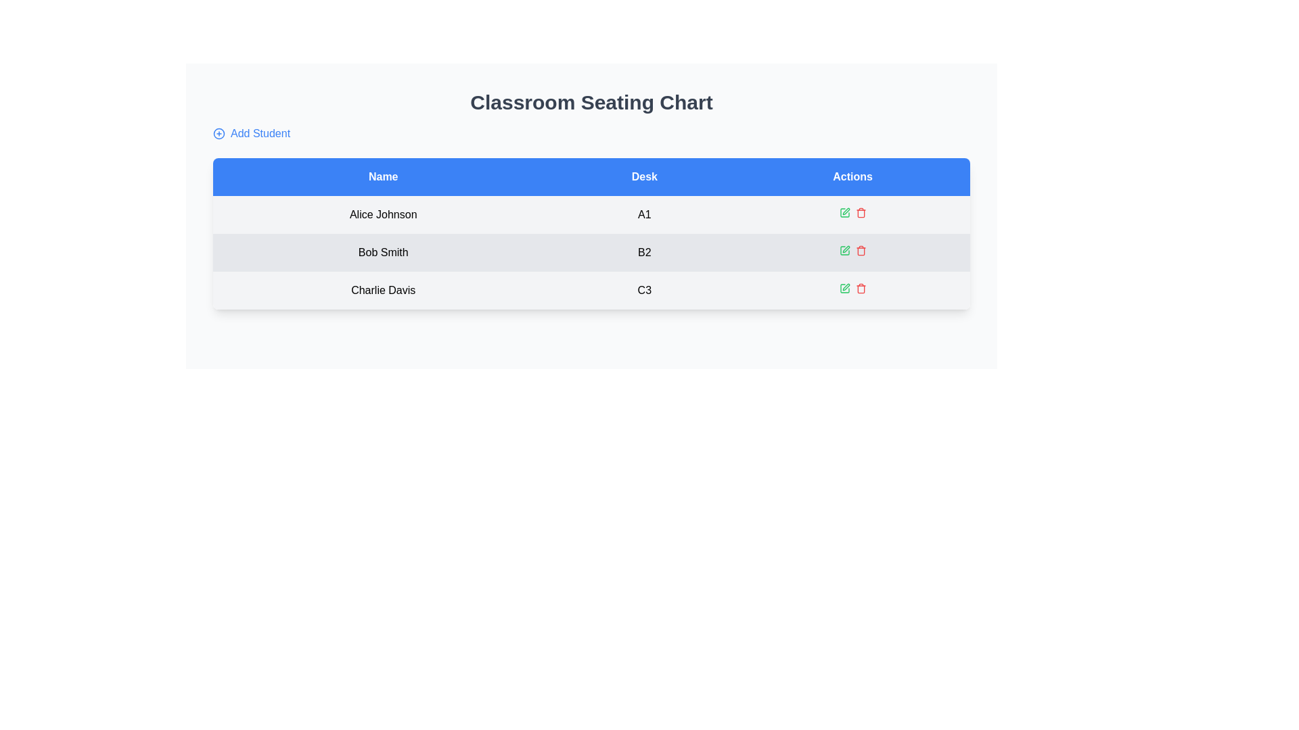  I want to click on the circular boundary element representing the 'add' action in the SVG graphic located to the left of the 'Add Student' text link, so click(219, 133).